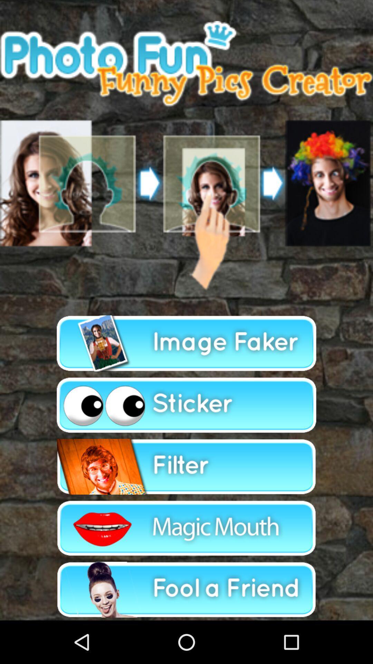 This screenshot has width=373, height=664. I want to click on open fool a friend, so click(186, 589).